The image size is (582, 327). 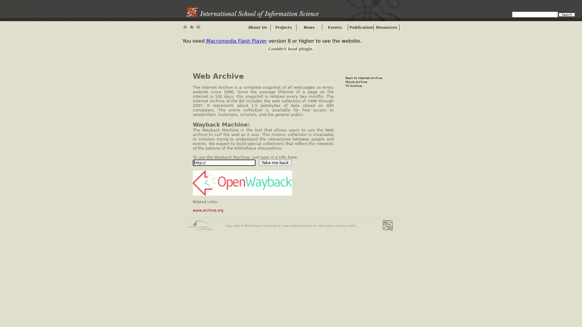 I want to click on Take me back, so click(x=275, y=162).